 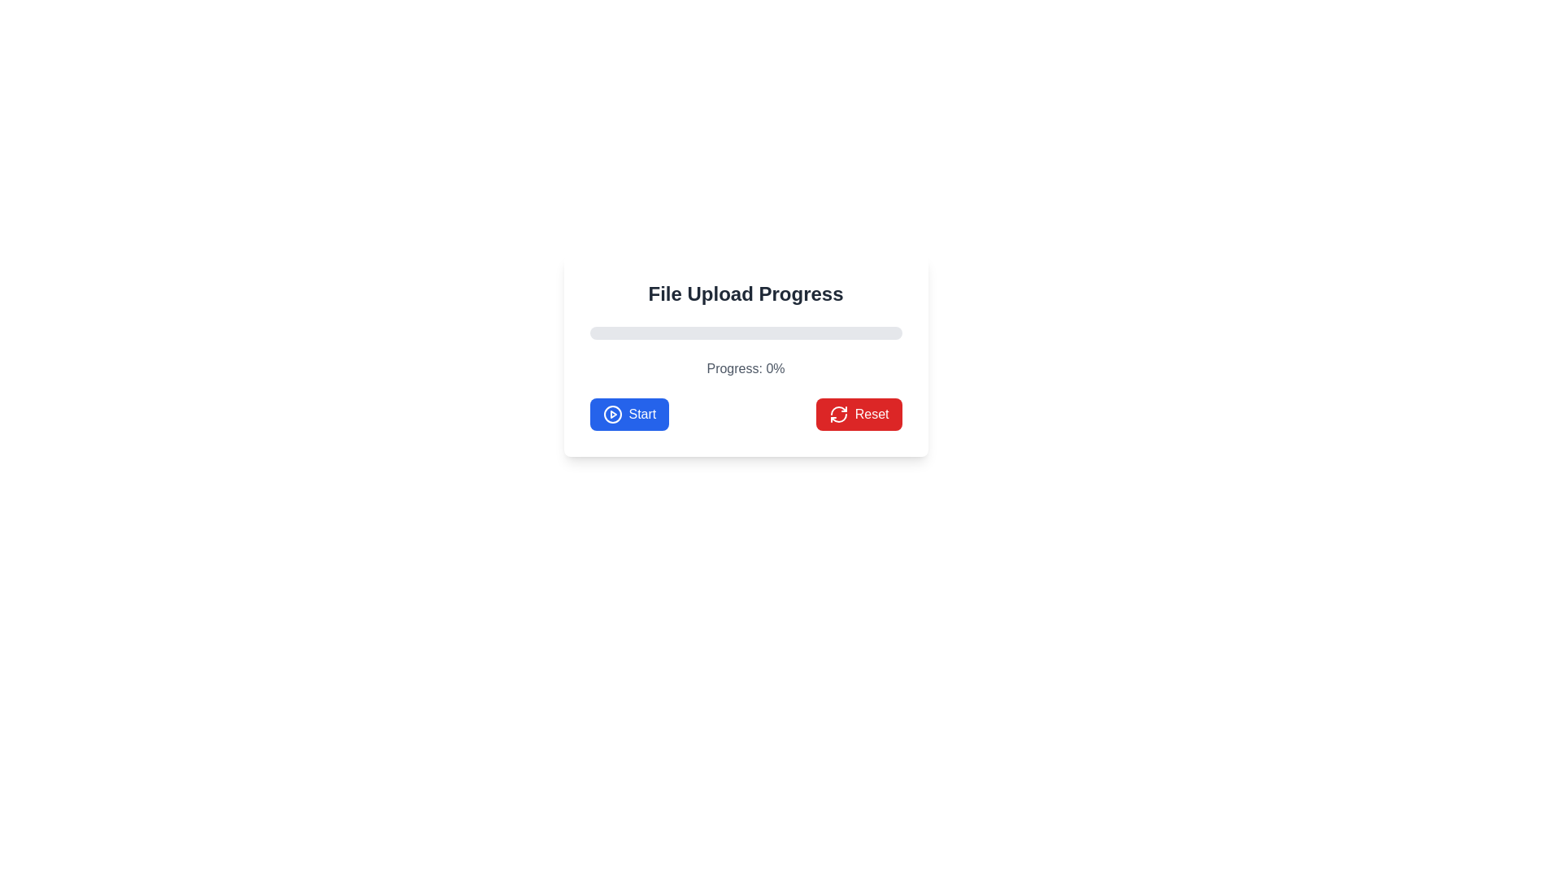 What do you see at coordinates (745, 369) in the screenshot?
I see `the Text Label that displays the current progress percentage, which is positioned centrally below the progress bar and above the 'Start' and 'Reset' buttons` at bounding box center [745, 369].